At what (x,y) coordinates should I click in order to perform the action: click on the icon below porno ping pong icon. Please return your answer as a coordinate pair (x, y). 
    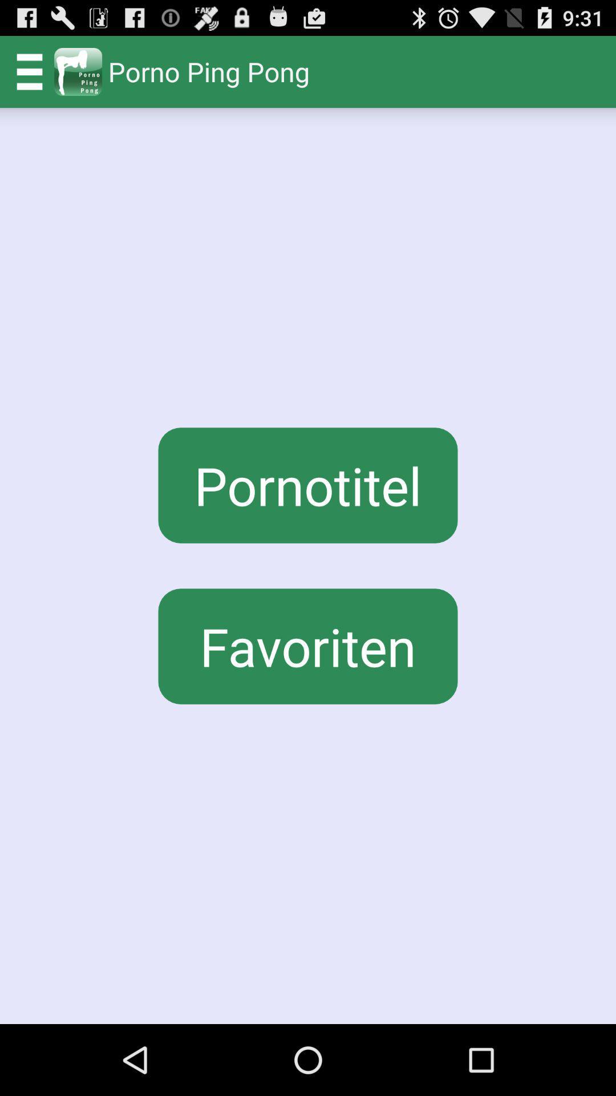
    Looking at the image, I should click on (308, 485).